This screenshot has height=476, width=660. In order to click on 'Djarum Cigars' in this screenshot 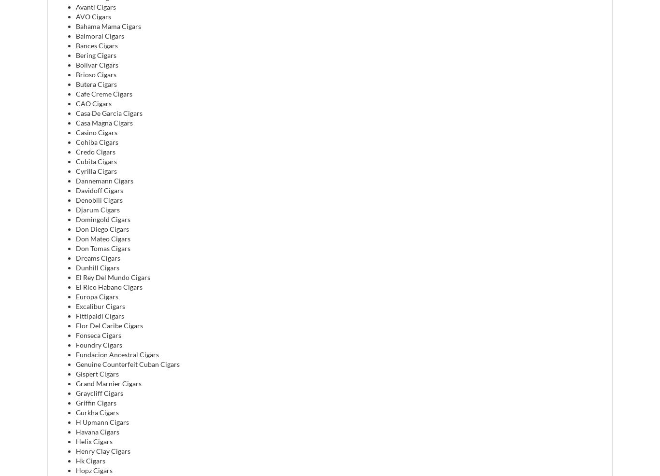, I will do `click(97, 209)`.